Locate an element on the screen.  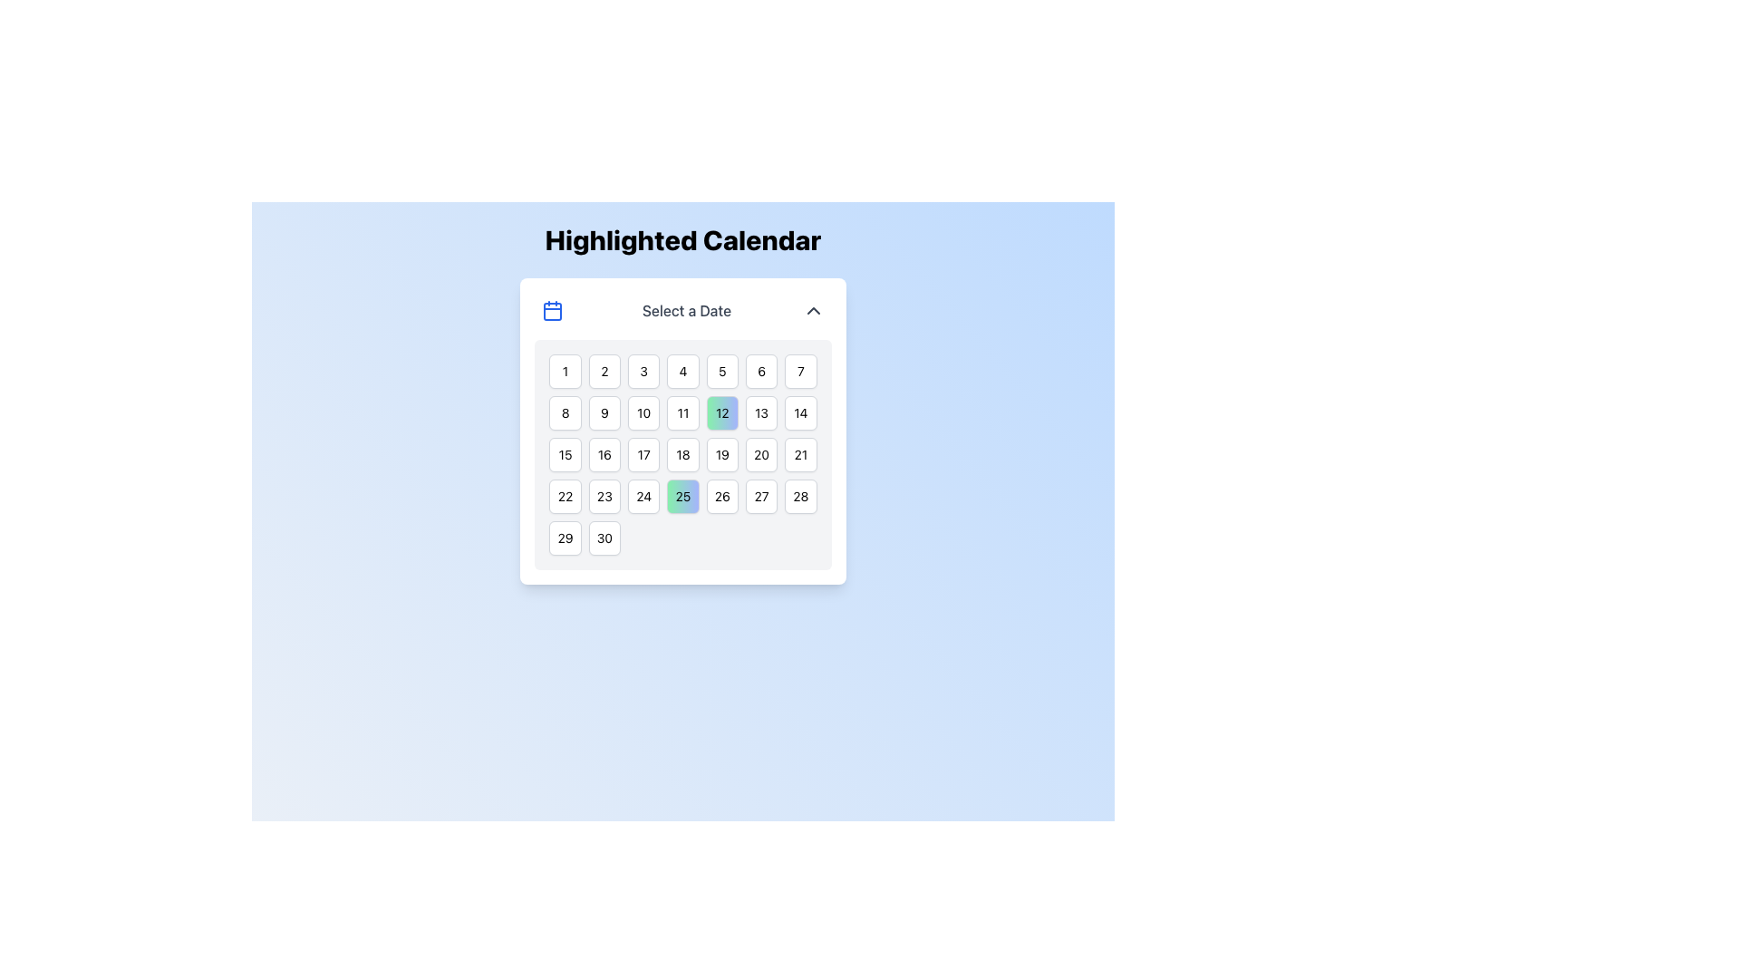
the button for the 25th day in the calendar is located at coordinates (681, 496).